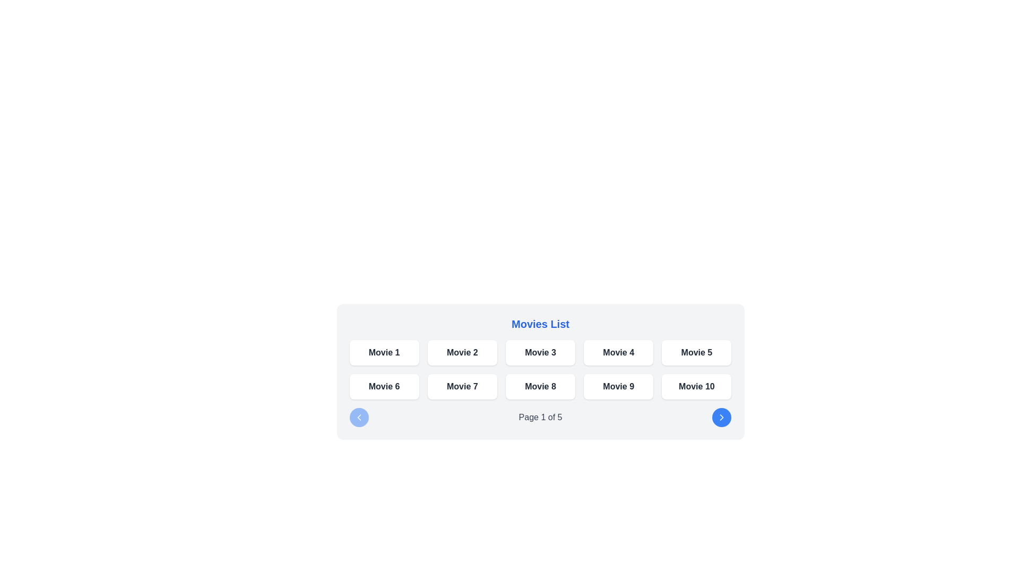 The image size is (1019, 573). I want to click on the button-like list item displaying the title 'Movie 10', so click(696, 387).